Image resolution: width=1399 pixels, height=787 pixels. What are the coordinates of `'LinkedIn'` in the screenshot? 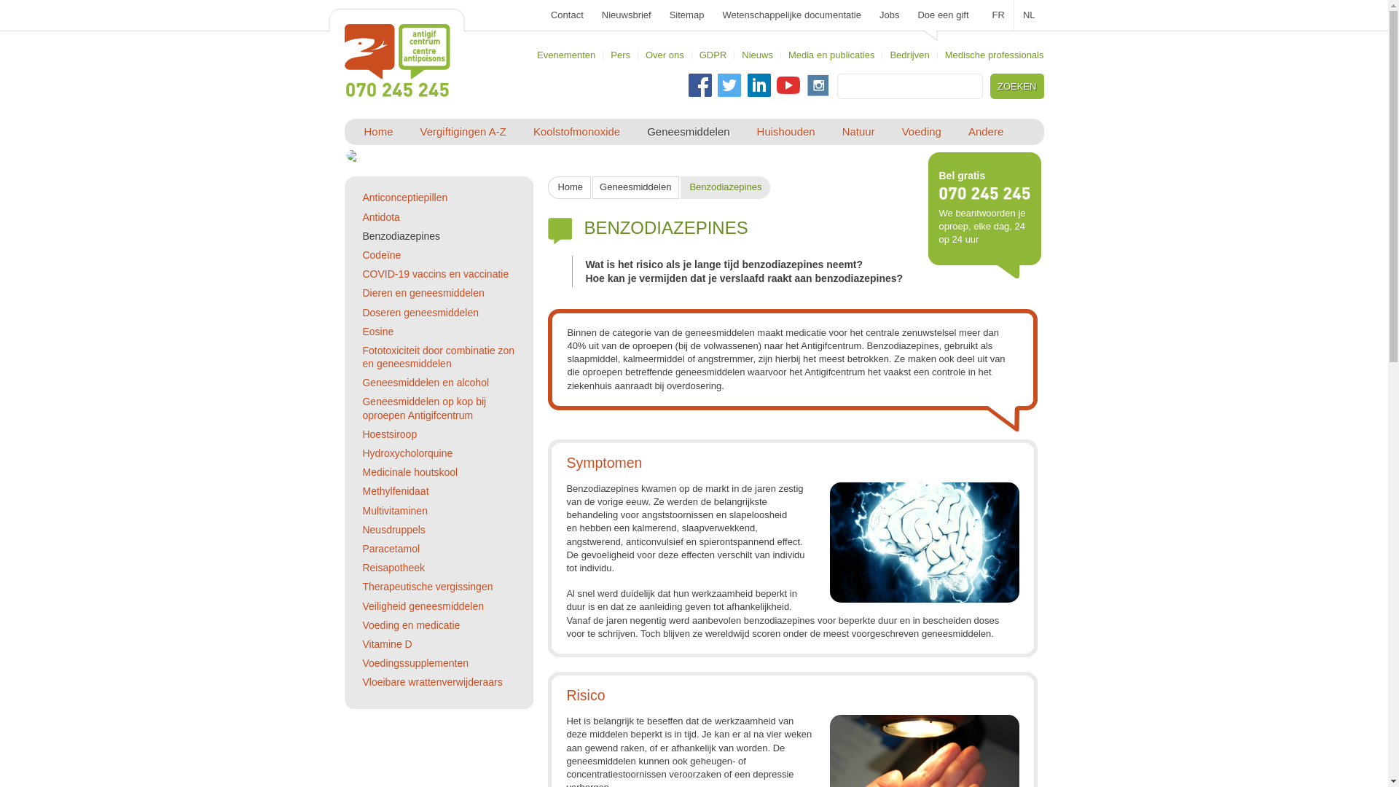 It's located at (748, 85).